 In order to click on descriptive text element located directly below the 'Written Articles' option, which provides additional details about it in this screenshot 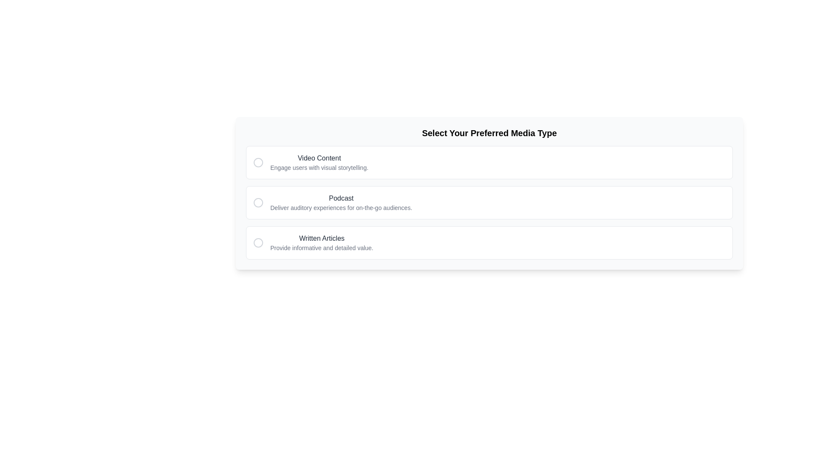, I will do `click(321, 248)`.